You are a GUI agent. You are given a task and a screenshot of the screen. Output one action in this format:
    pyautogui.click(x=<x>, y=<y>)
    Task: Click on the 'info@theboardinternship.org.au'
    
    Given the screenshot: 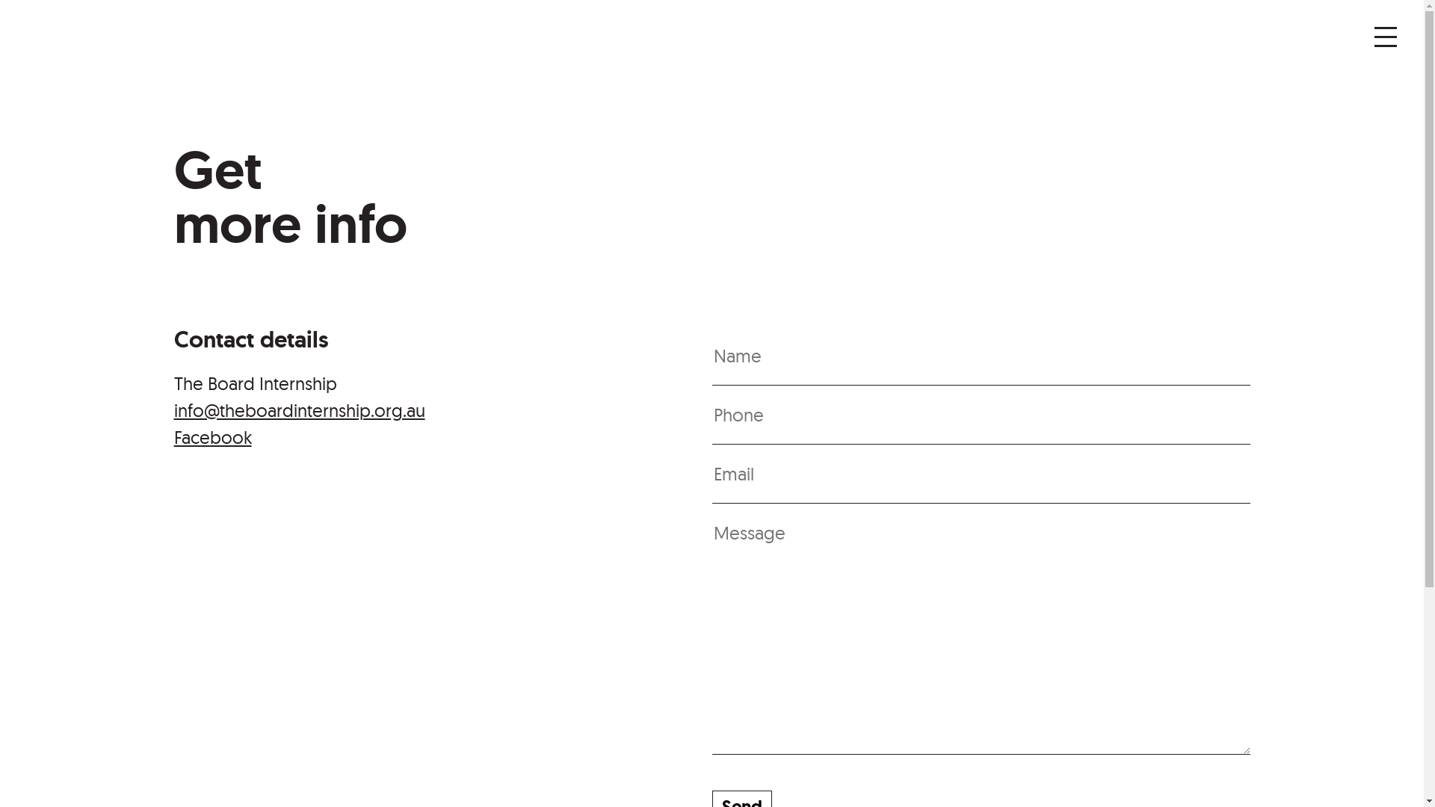 What is the action you would take?
    pyautogui.click(x=173, y=409)
    